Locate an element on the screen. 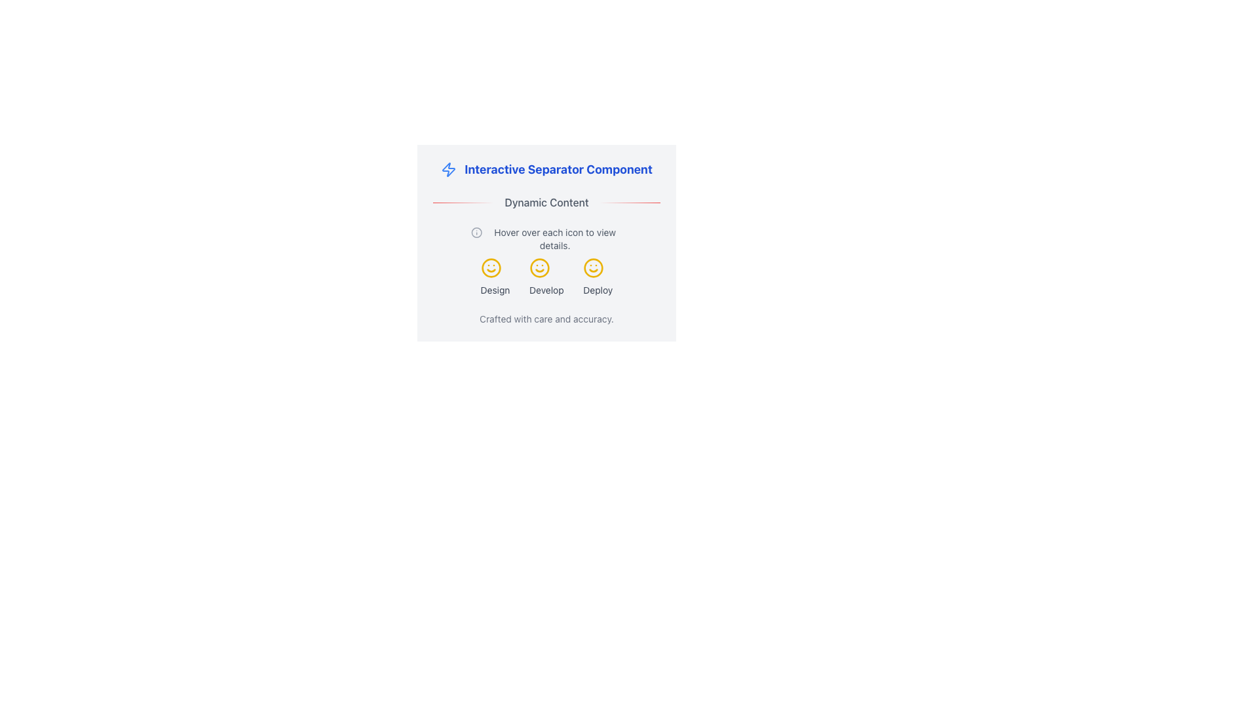 This screenshot has height=708, width=1258. the third smiley icon in the horizontal row that signifies the 'Deploy' functionality, located below the instruction text and above the 'Deploy' label is located at coordinates (593, 267).